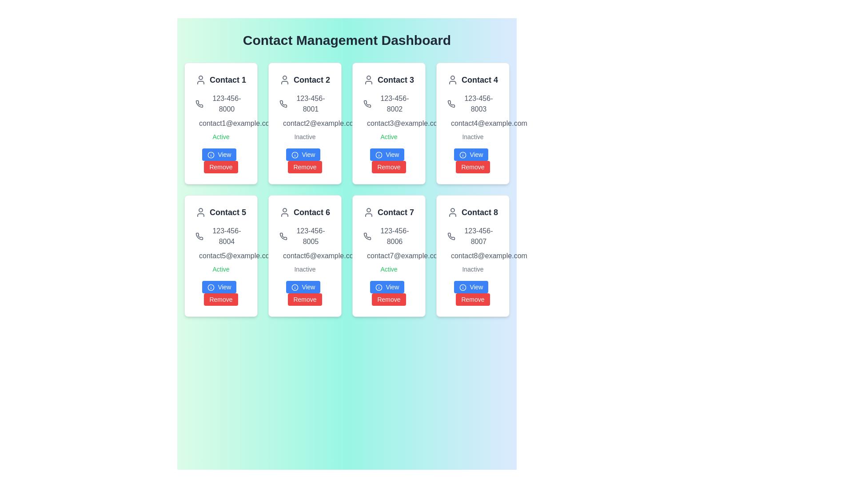 This screenshot has width=853, height=480. I want to click on the 'Remove' button, which is the bottom button in the group of two vertically arranged buttons, so click(221, 161).